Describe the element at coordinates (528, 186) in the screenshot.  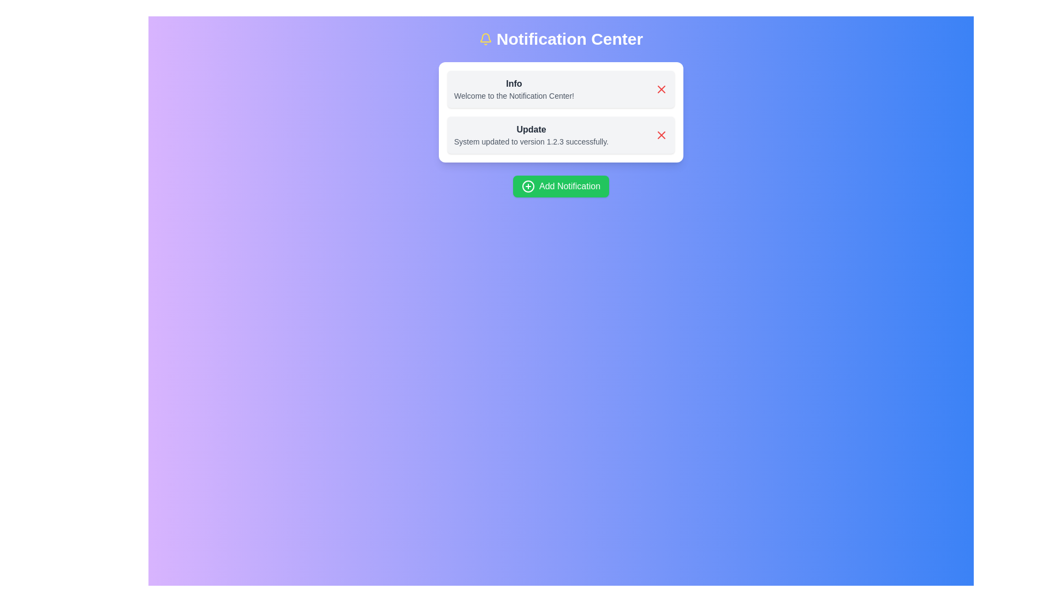
I see `the SVG graphic icon positioned to the left of the 'Add Notification' button text` at that location.